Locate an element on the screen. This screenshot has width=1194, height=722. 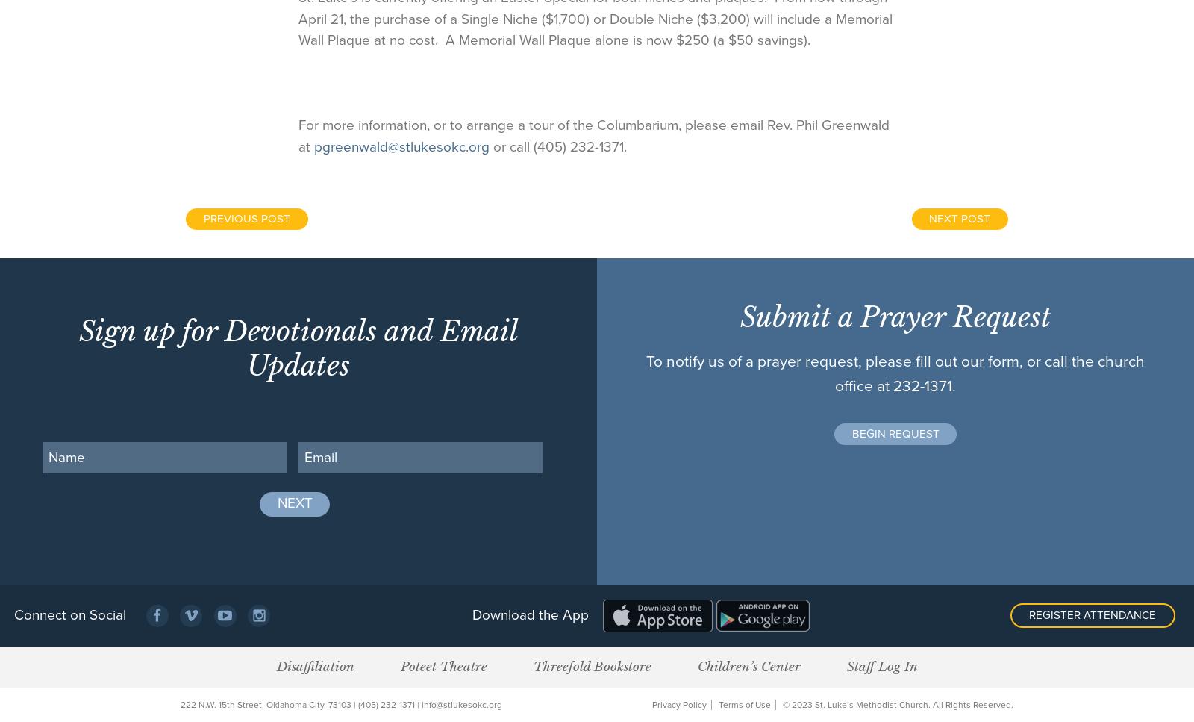
'Disaffiliation' is located at coordinates (314, 665).